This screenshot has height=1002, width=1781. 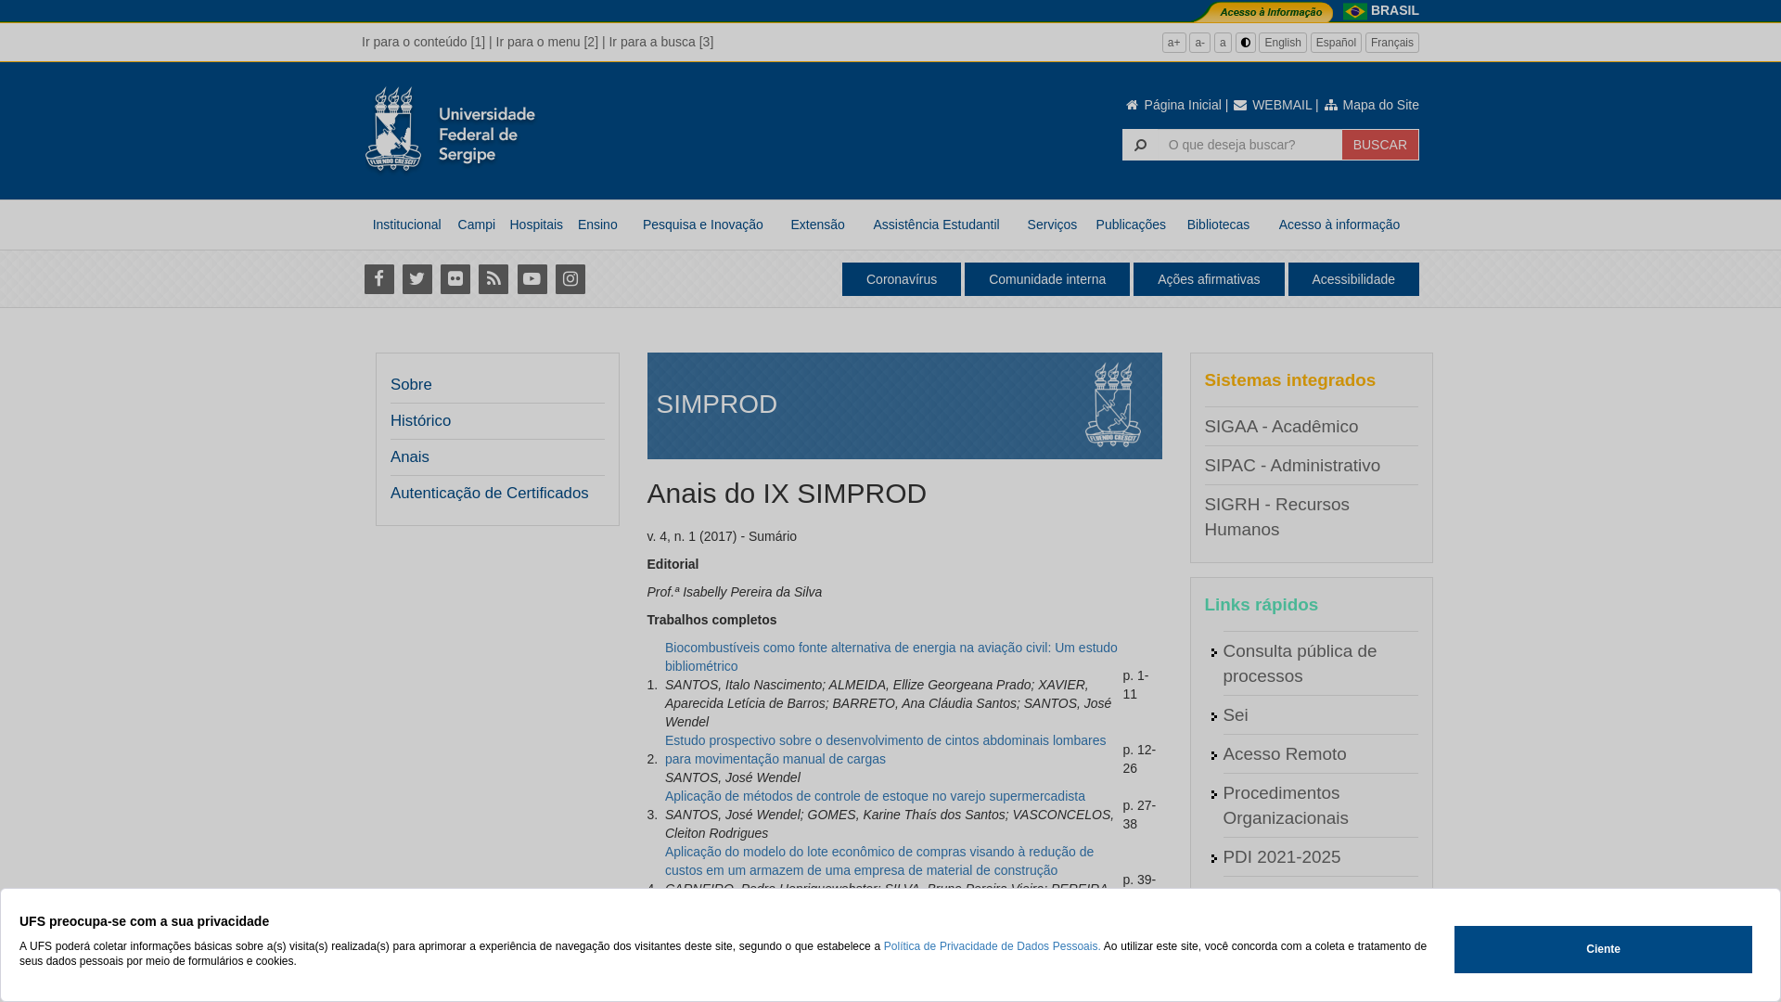 What do you see at coordinates (1281, 42) in the screenshot?
I see `'English'` at bounding box center [1281, 42].